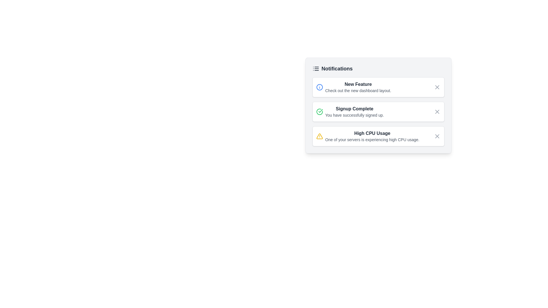 The width and height of the screenshot is (548, 308). What do you see at coordinates (372, 136) in the screenshot?
I see `the Notification Message displaying 'High CPU Usage' which is the third notification in the list, located below 'Signup Complete'` at bounding box center [372, 136].